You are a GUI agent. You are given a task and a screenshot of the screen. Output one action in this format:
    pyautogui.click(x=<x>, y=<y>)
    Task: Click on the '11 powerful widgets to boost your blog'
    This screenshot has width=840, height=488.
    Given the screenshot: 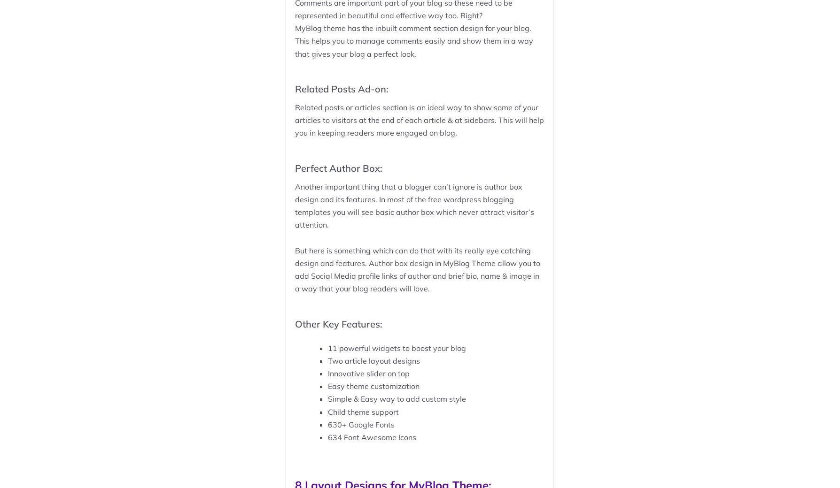 What is the action you would take?
    pyautogui.click(x=327, y=348)
    